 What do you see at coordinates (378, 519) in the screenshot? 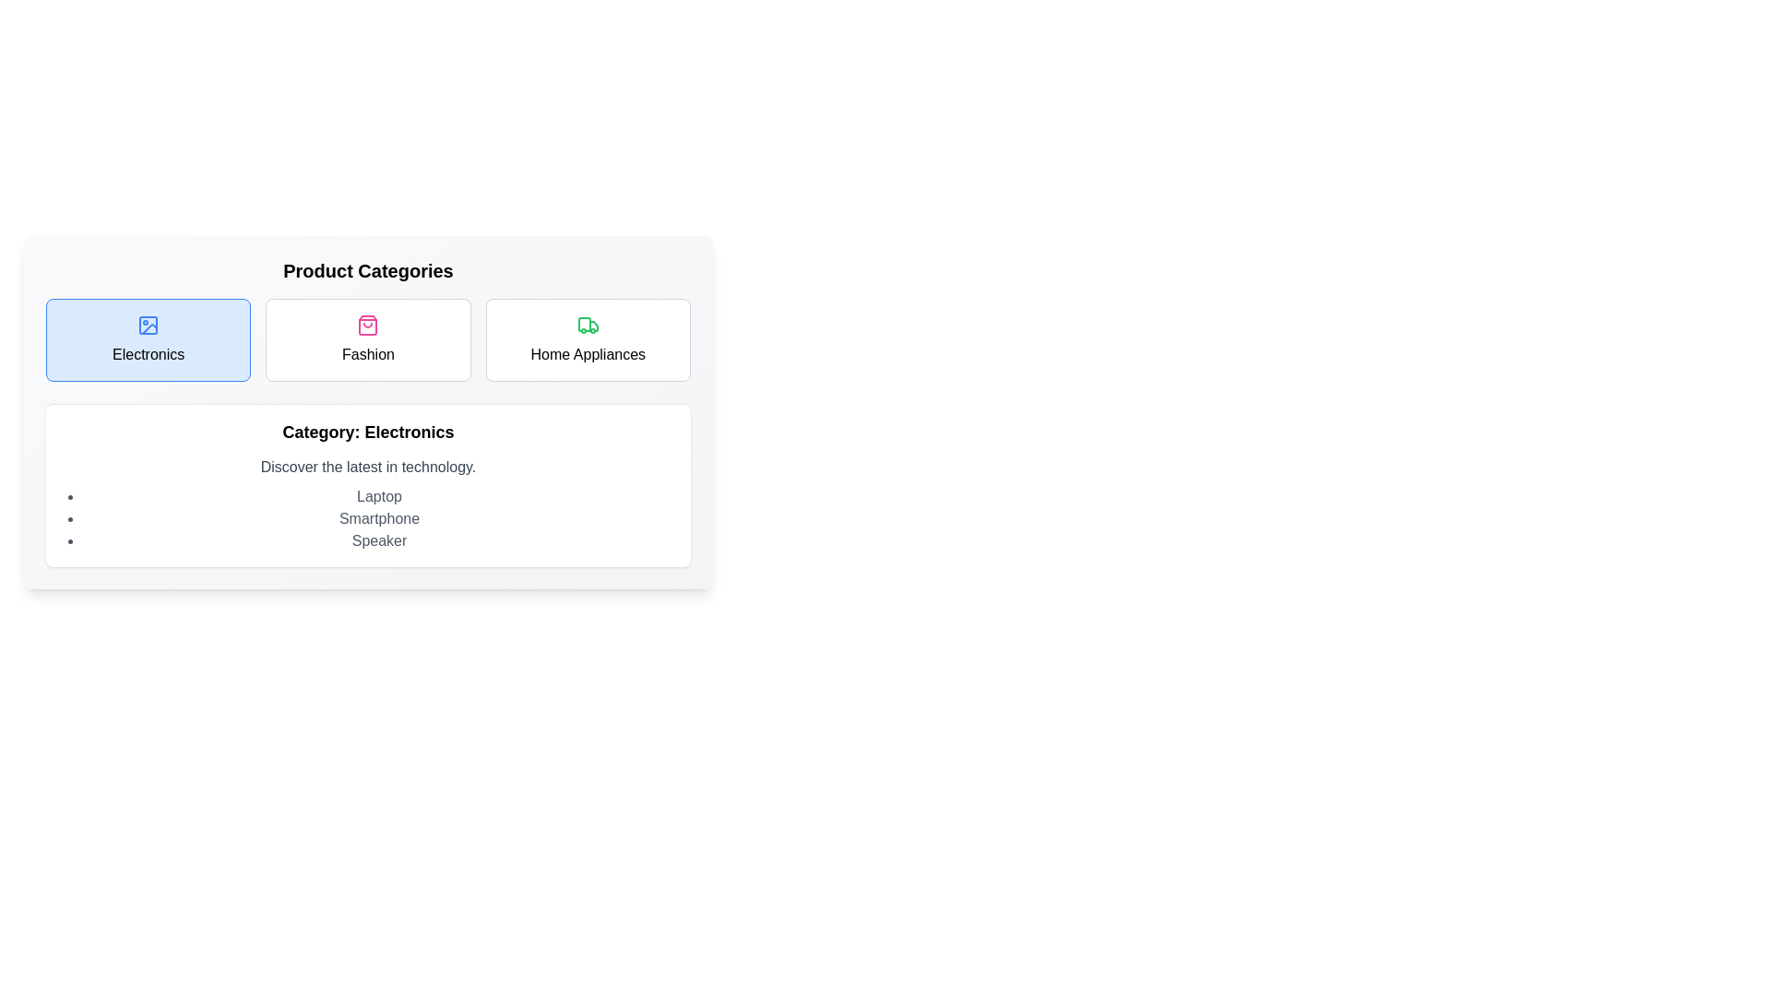
I see `an individual item in the bulleted list of electronic devices located within the 'Category: Electronics' section under the subtitle 'Discover the latest in technology.'` at bounding box center [378, 519].